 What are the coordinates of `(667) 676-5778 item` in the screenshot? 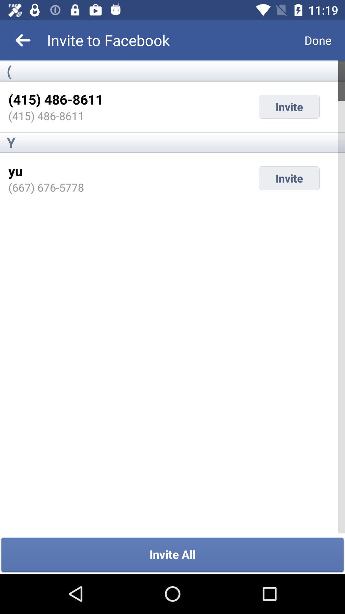 It's located at (46, 187).